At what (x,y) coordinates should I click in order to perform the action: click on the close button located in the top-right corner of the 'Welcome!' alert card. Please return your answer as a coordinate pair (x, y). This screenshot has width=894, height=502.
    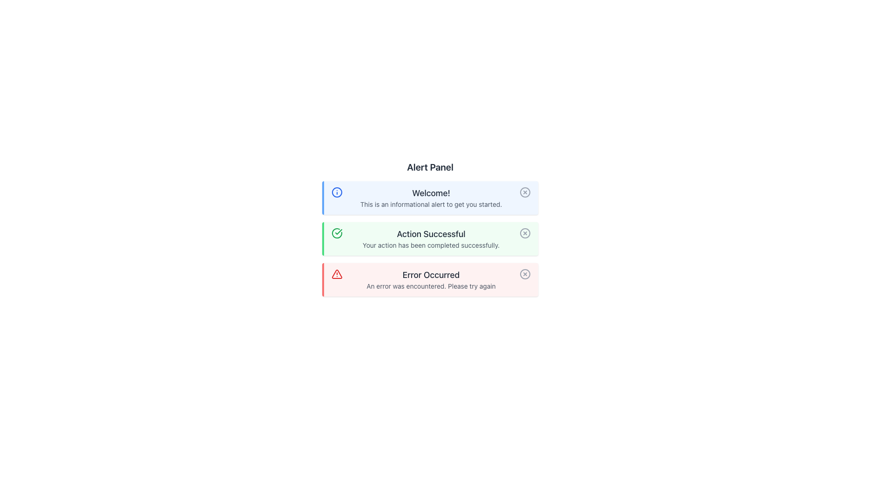
    Looking at the image, I should click on (525, 192).